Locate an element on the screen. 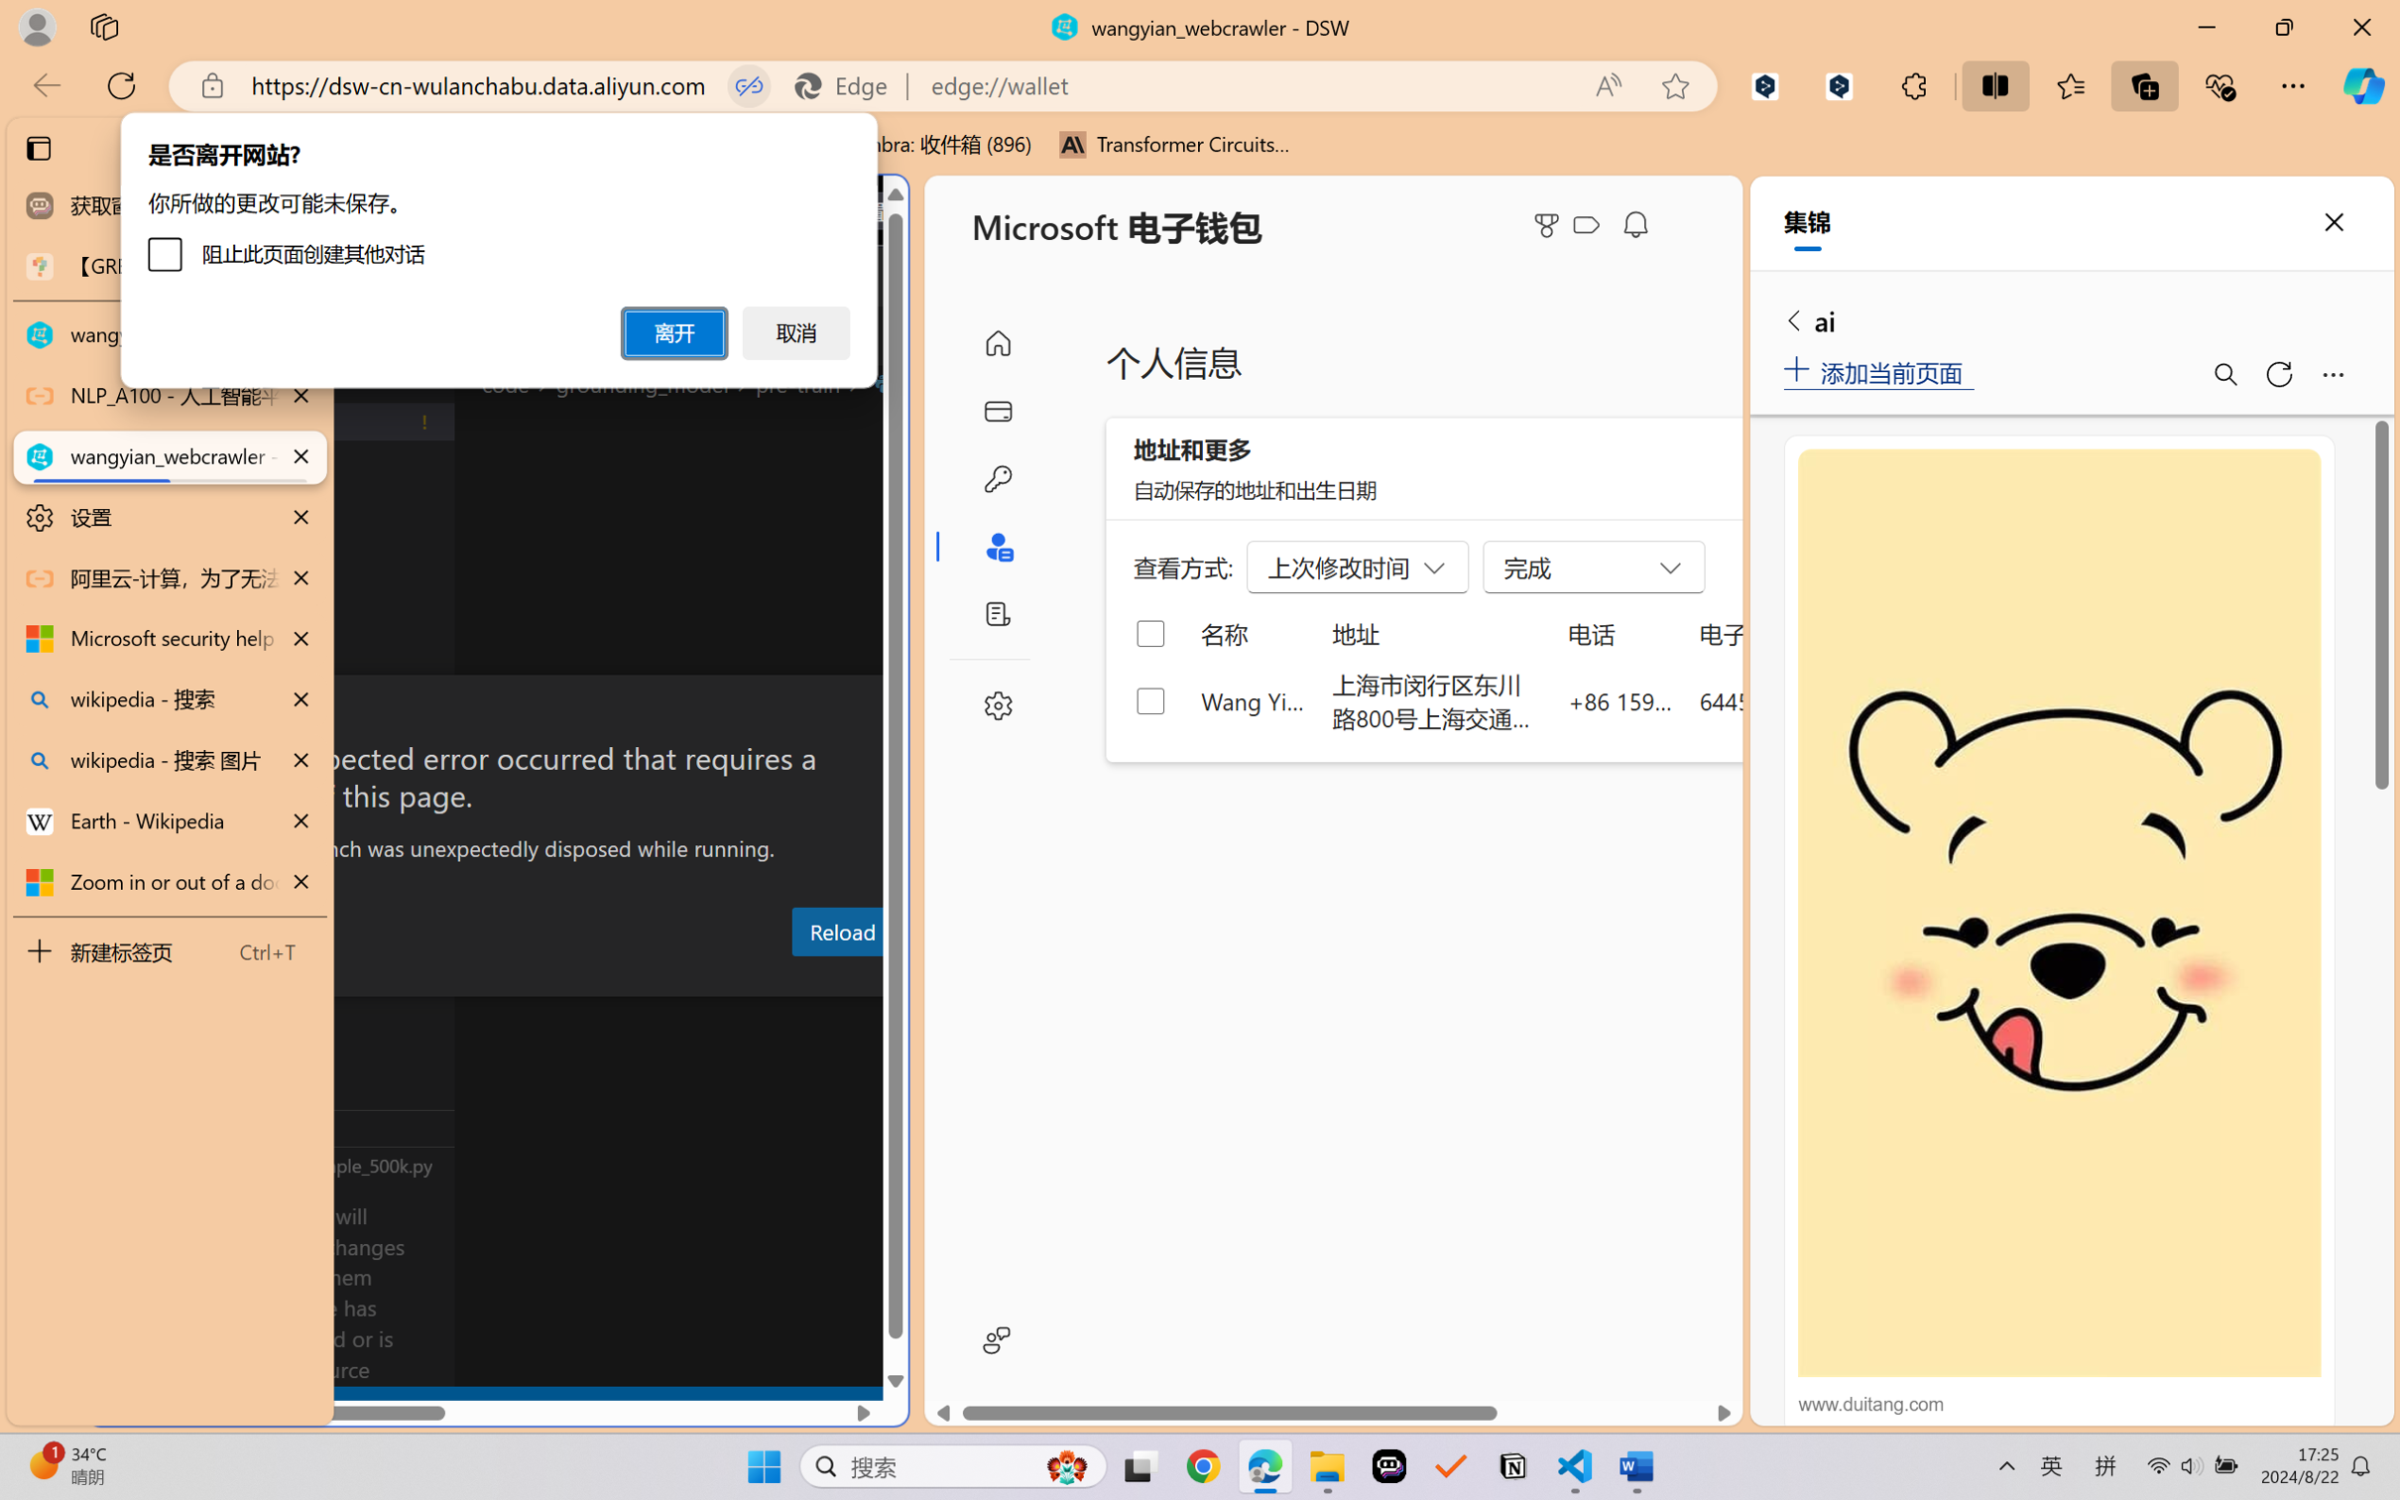 The width and height of the screenshot is (2400, 1500). 'Wang Yian' is located at coordinates (1253, 699).